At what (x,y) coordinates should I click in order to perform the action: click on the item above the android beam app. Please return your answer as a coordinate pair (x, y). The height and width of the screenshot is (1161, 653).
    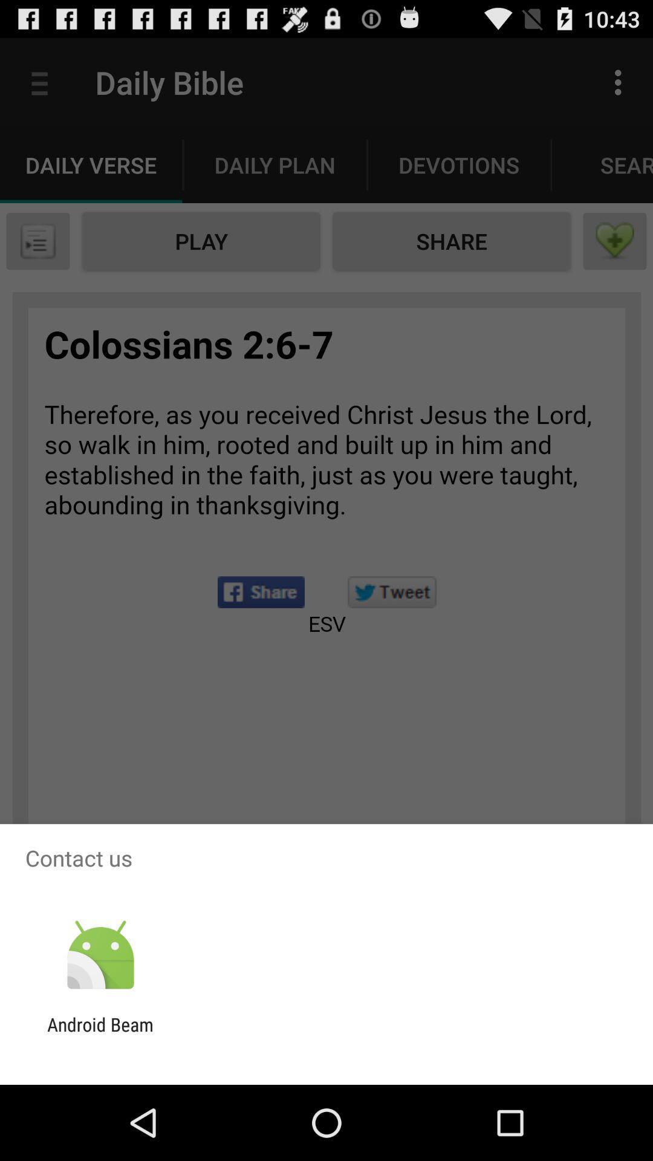
    Looking at the image, I should click on (100, 955).